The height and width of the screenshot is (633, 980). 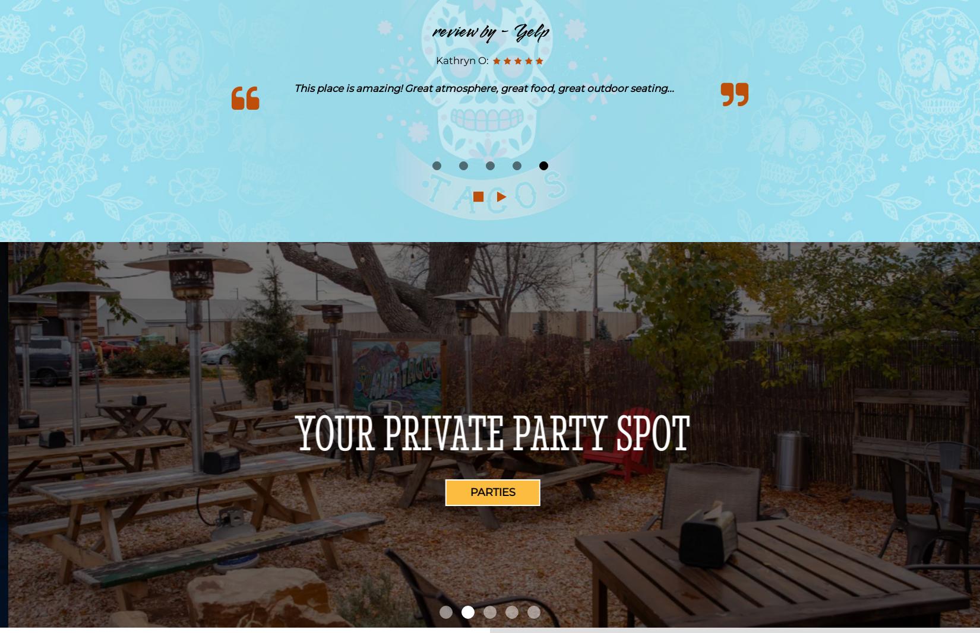 What do you see at coordinates (489, 431) in the screenshot?
I see `'Authentic Mexican Food'` at bounding box center [489, 431].